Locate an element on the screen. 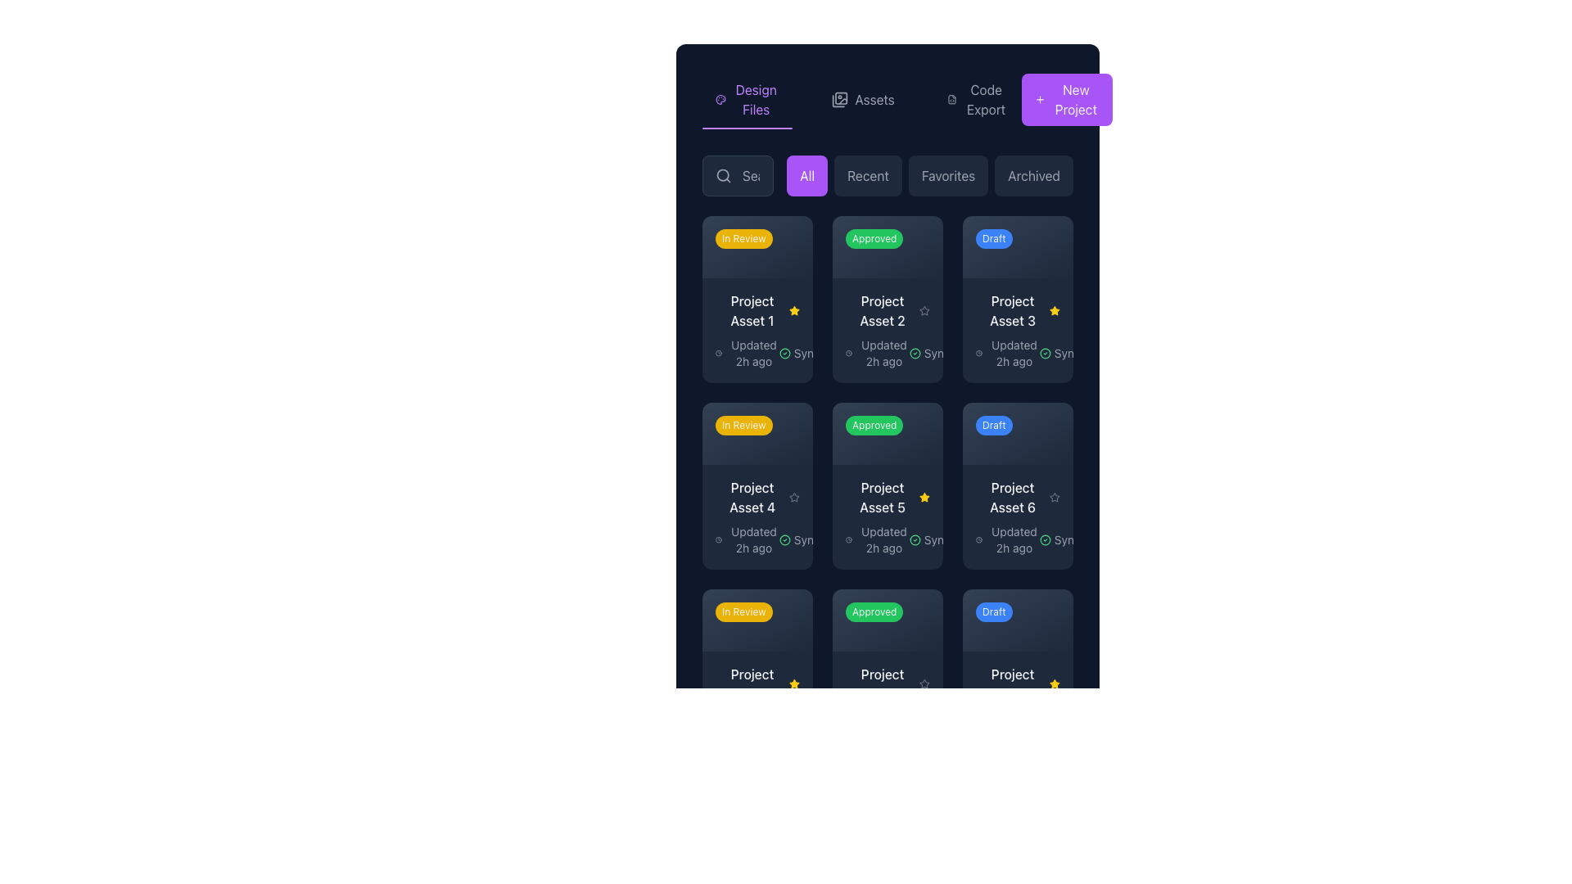  the 'Favorites' button in the filter selection component is located at coordinates (930, 176).